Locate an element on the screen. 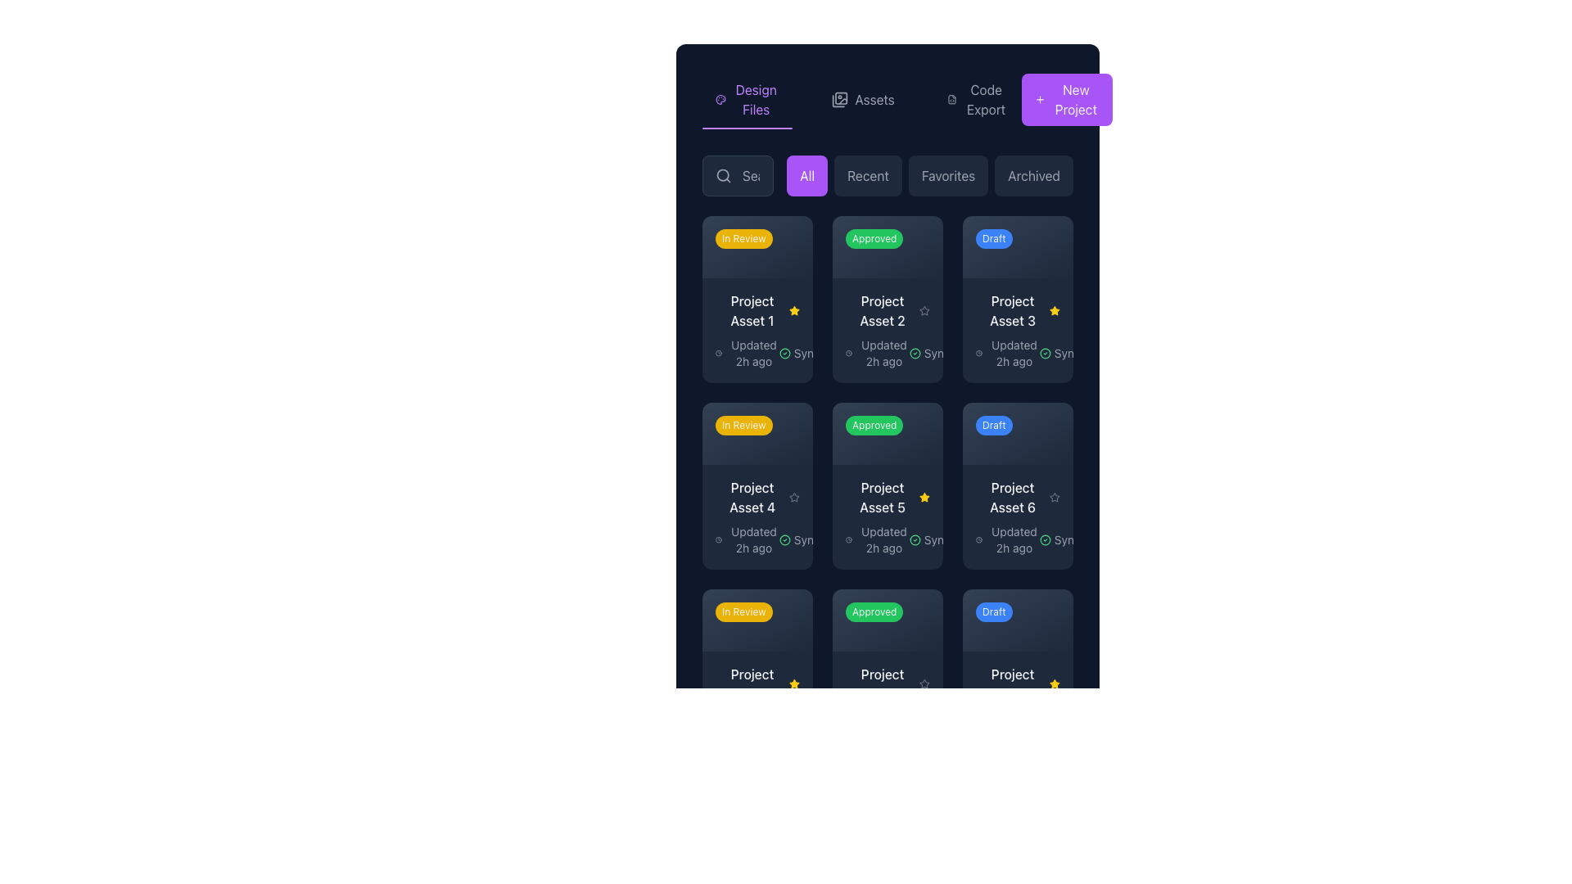  the 'Favorites' button in the filter selection component is located at coordinates (930, 176).